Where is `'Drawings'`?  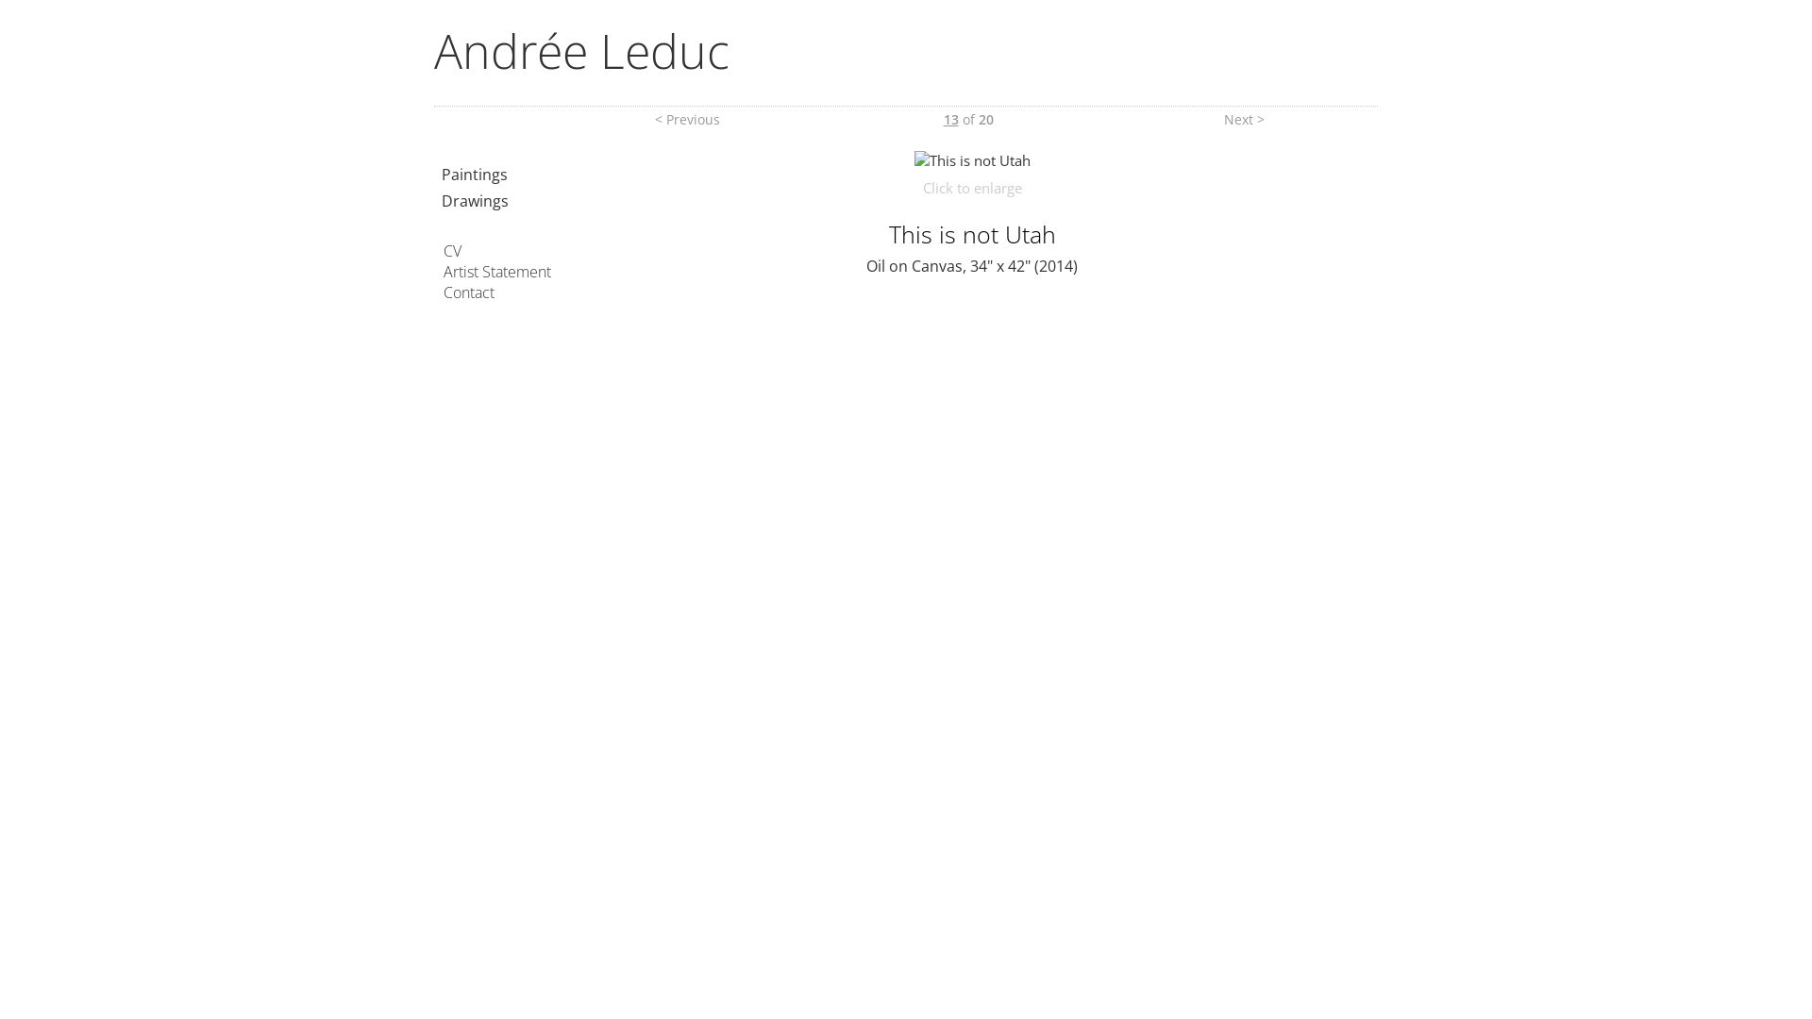
'Drawings' is located at coordinates (440, 200).